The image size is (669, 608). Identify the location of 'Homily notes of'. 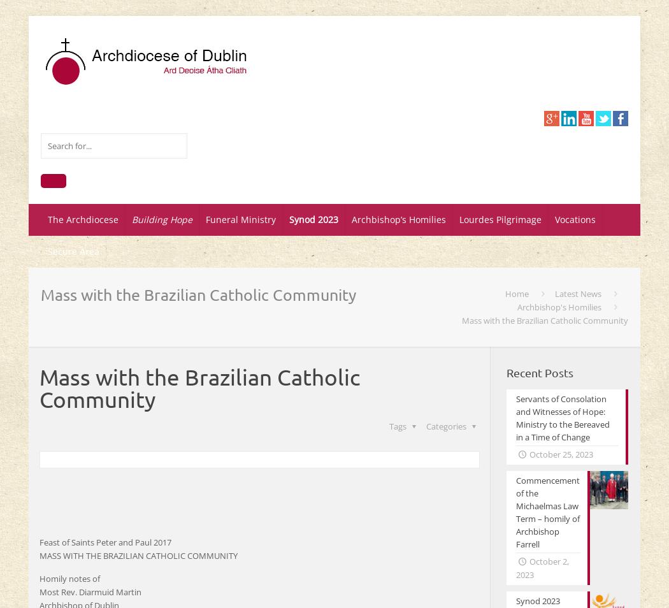
(69, 579).